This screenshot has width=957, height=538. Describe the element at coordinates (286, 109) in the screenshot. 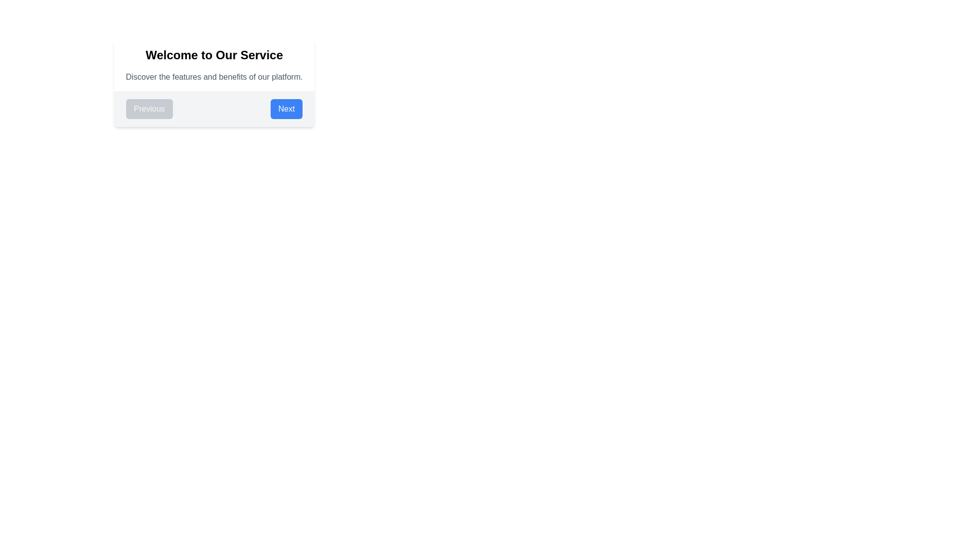

I see `the second button in the horizontal panel located at the bottom section of the card-like component` at that location.